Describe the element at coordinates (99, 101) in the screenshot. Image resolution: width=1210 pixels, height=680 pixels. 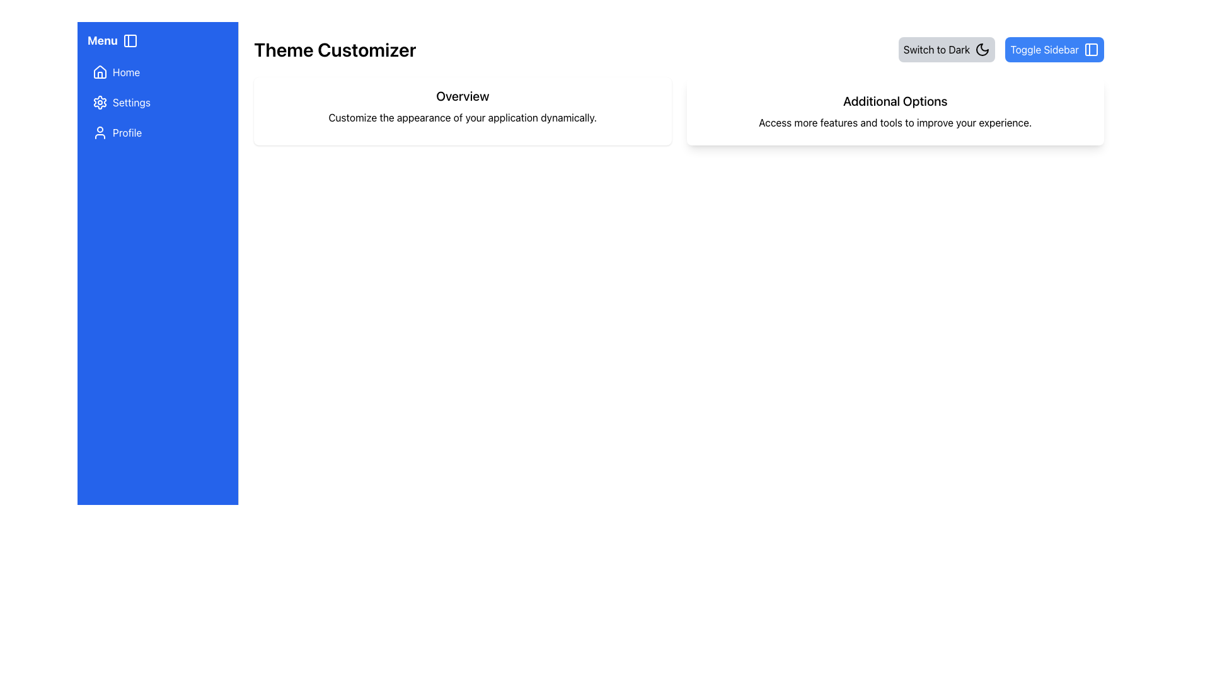
I see `the 'Settings' icon in the vertical navigation bar located on the left side of the interface` at that location.